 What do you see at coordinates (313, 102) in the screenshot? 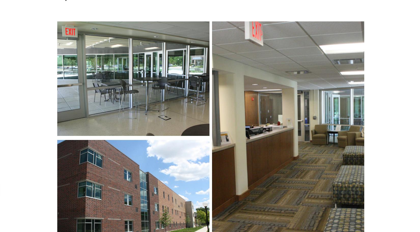
I see `'Contact Us'` at bounding box center [313, 102].